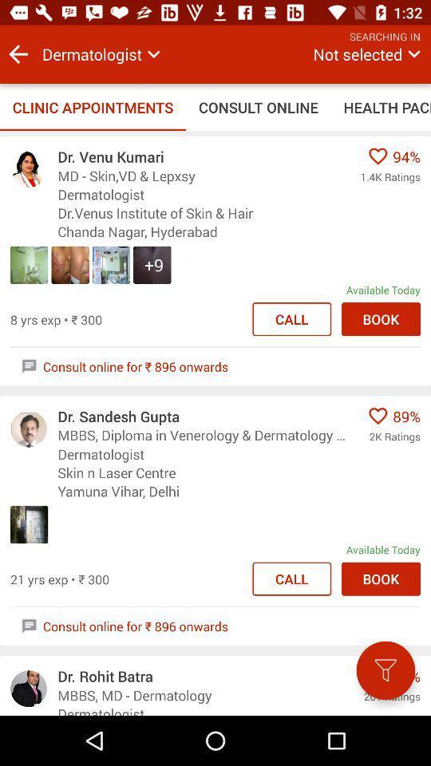 The height and width of the screenshot is (766, 431). Describe the element at coordinates (18, 54) in the screenshot. I see `return to previous screen` at that location.